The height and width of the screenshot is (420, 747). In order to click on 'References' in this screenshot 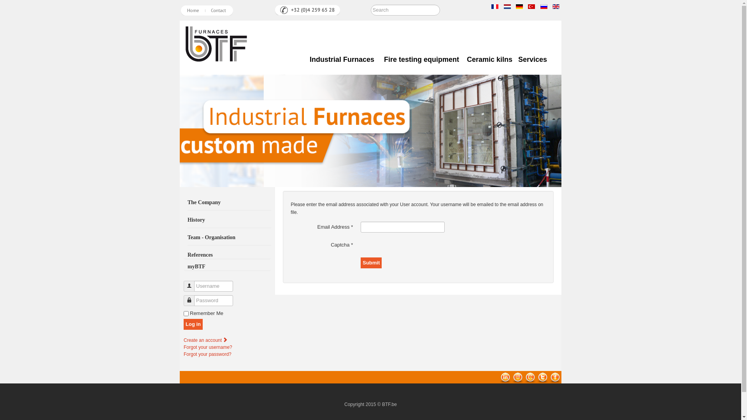, I will do `click(227, 255)`.